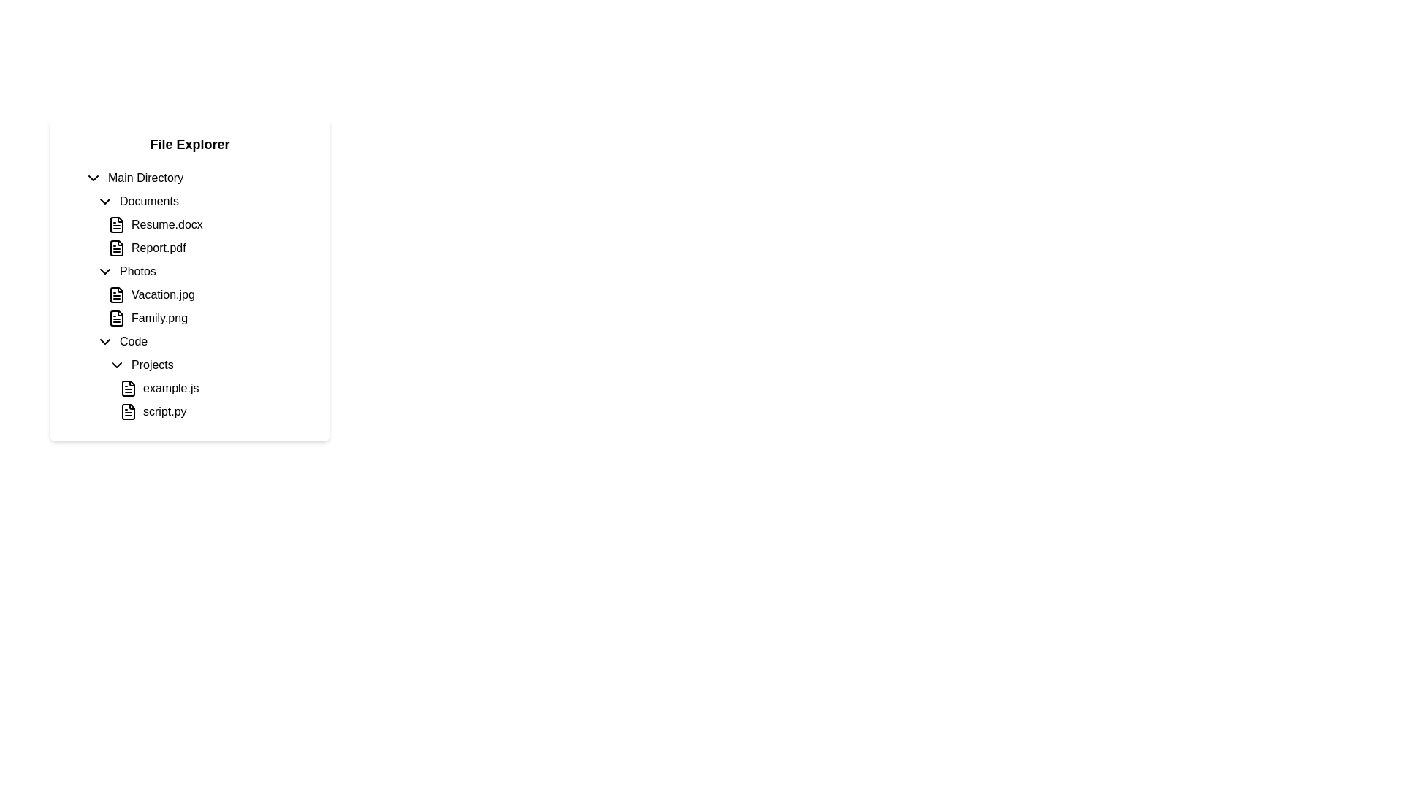  What do you see at coordinates (206, 295) in the screenshot?
I see `the file entry item labeled 'Vacation.jpg' located in the 'Photos' section of the file explorer` at bounding box center [206, 295].